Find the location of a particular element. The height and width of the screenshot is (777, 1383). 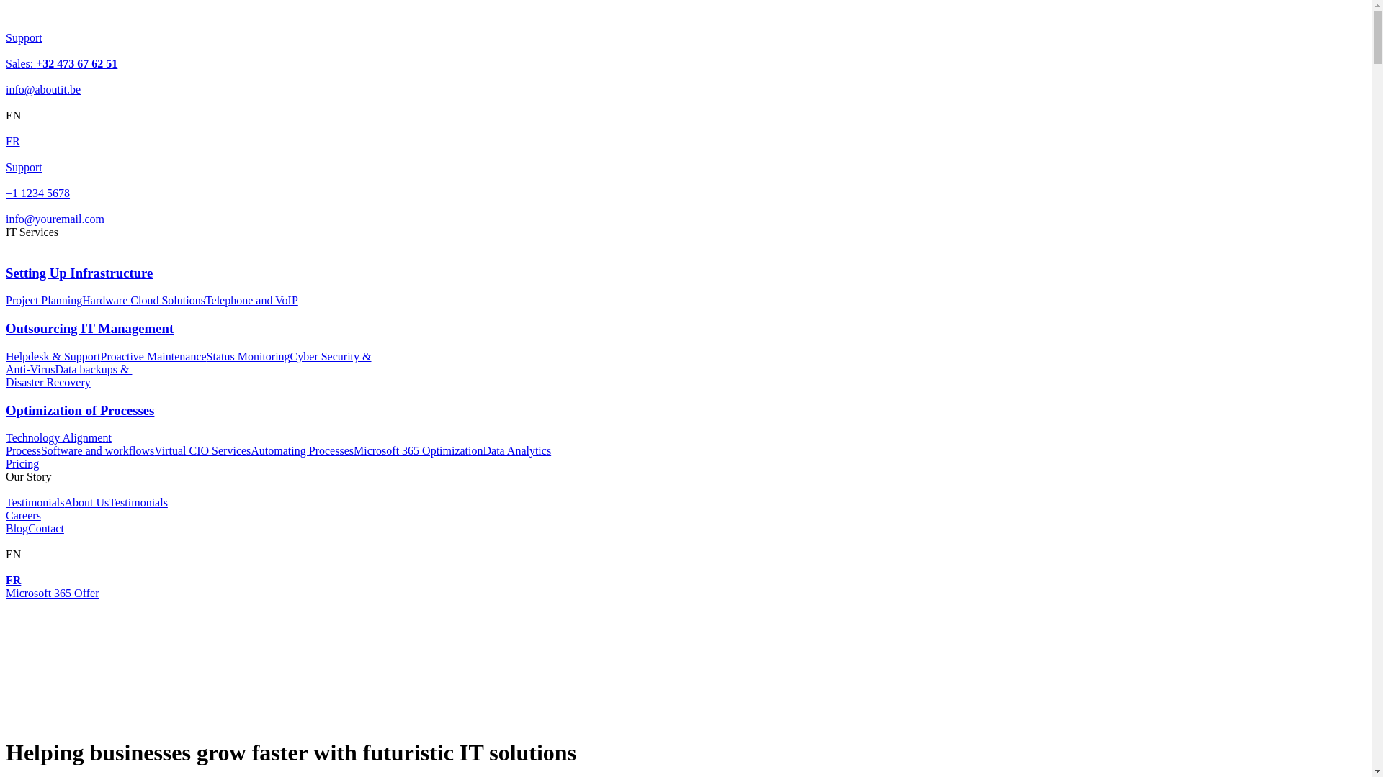

'Setting Up Infrastructure' is located at coordinates (6, 286).